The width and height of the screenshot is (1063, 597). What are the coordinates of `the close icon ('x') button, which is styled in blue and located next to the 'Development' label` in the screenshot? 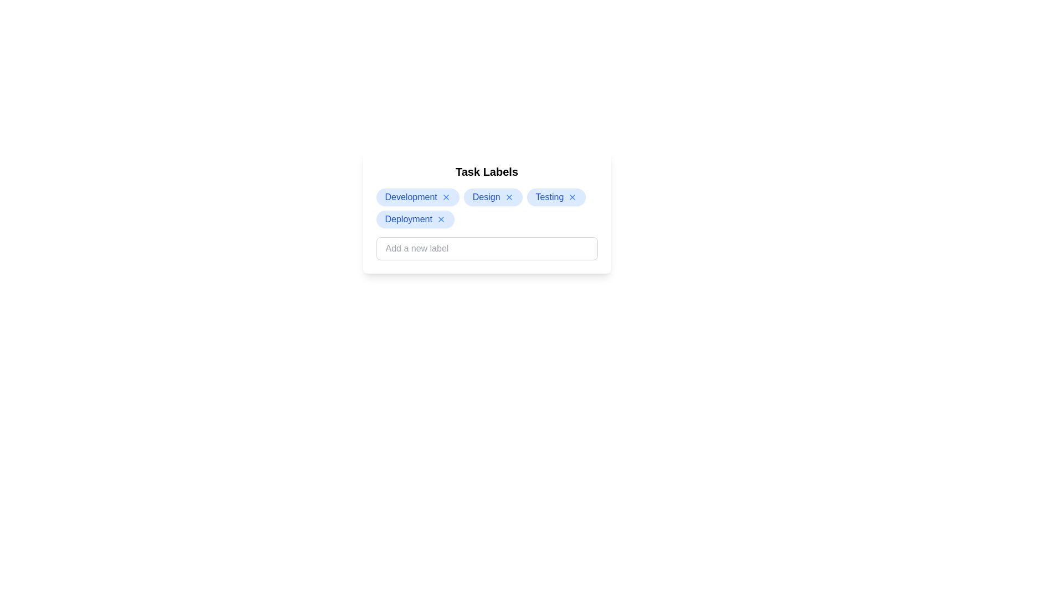 It's located at (446, 197).